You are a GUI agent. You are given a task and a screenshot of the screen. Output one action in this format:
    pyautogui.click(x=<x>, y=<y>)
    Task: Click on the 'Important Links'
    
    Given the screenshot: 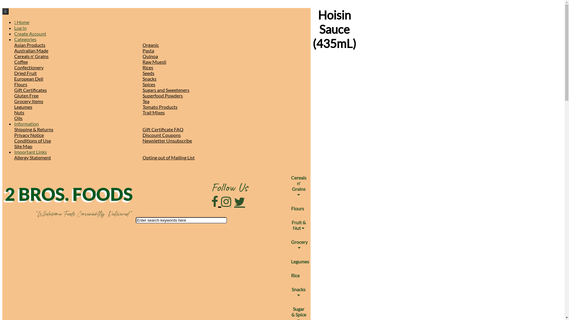 What is the action you would take?
    pyautogui.click(x=30, y=151)
    